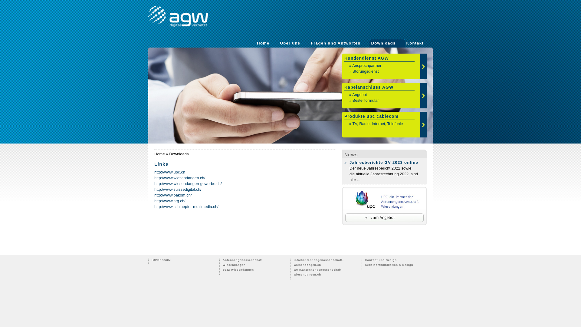 Image resolution: width=581 pixels, height=327 pixels. I want to click on 'Kontakt', so click(415, 43).